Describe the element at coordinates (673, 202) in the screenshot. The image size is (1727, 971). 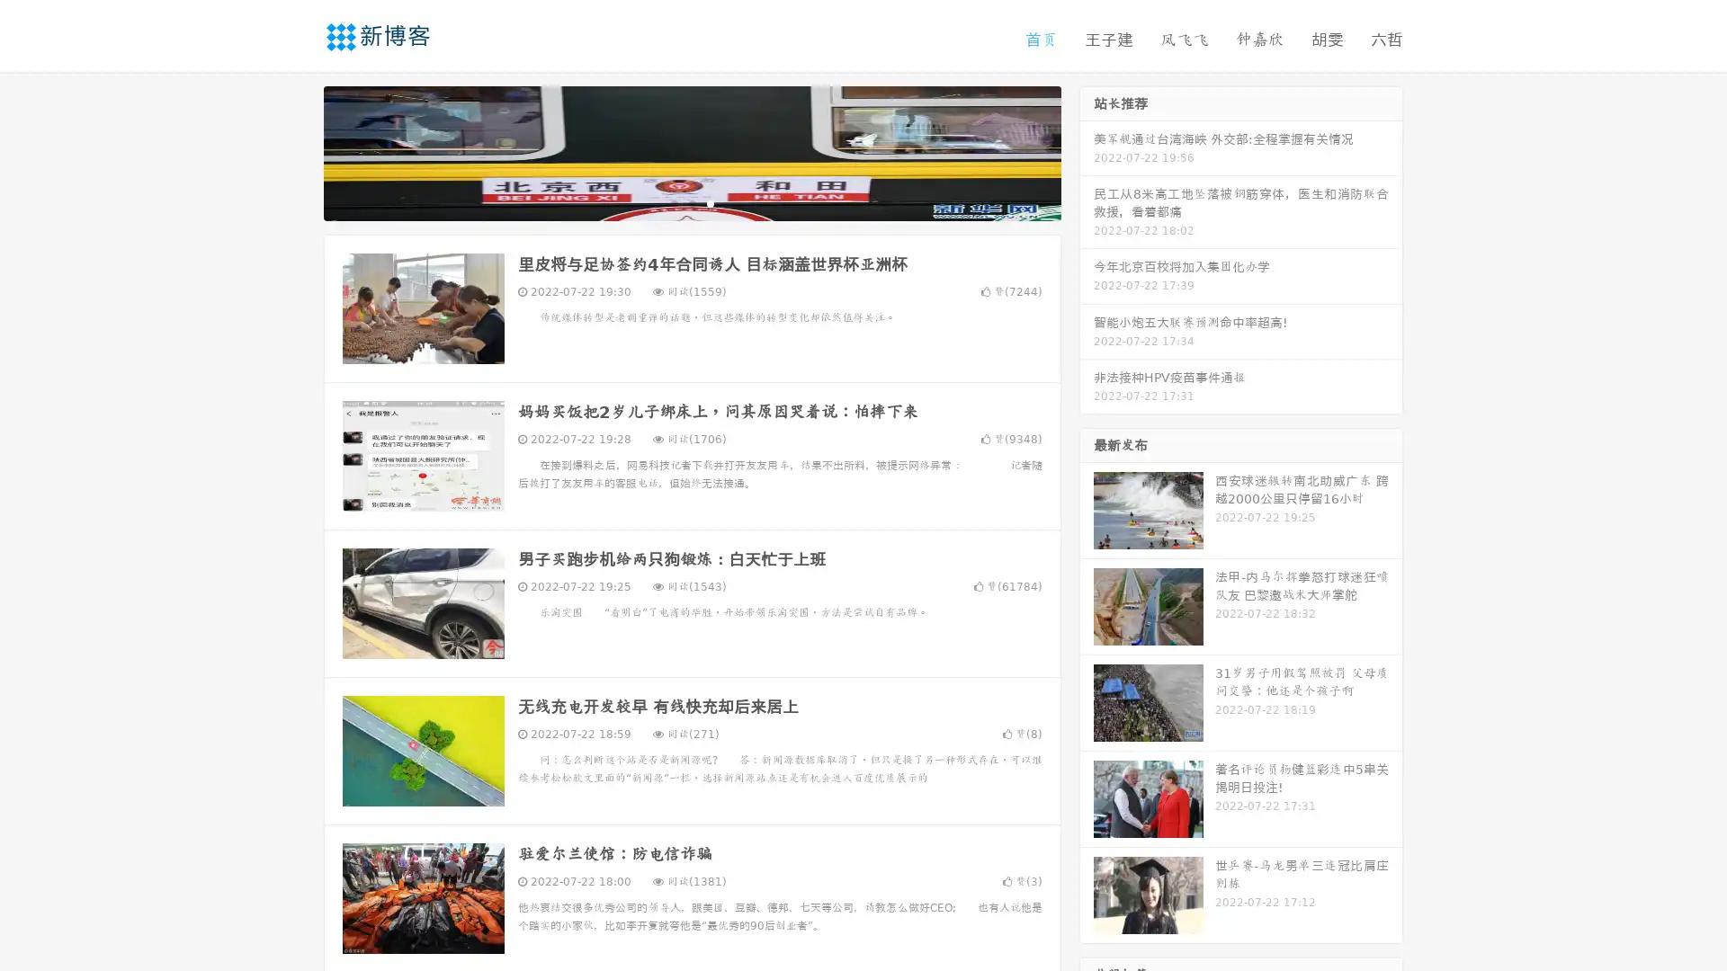
I see `Go to slide 1` at that location.